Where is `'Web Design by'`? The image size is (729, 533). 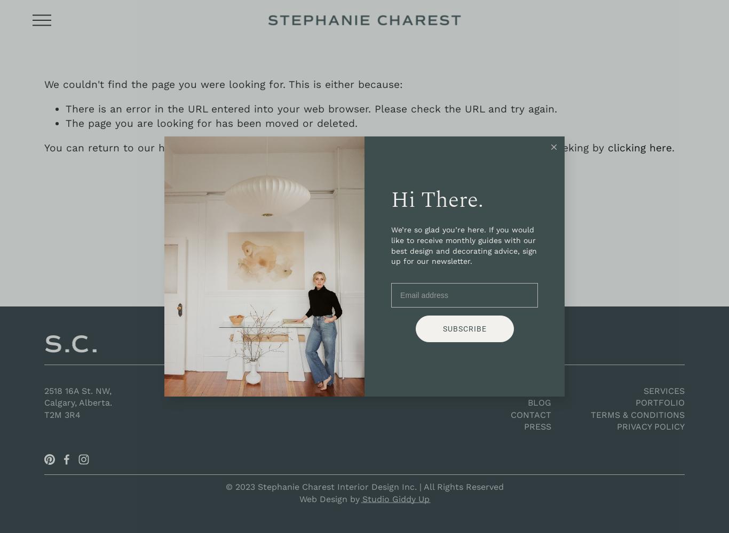
'Web Design by' is located at coordinates (330, 498).